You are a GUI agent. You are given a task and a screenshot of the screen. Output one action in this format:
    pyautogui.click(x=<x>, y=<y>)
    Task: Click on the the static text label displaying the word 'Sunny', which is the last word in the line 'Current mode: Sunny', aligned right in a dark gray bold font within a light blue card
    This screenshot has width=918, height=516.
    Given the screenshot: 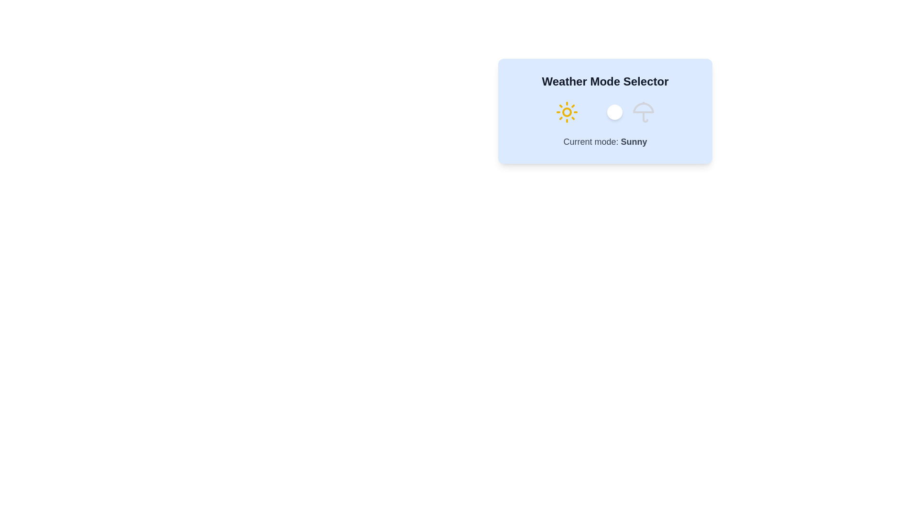 What is the action you would take?
    pyautogui.click(x=634, y=142)
    